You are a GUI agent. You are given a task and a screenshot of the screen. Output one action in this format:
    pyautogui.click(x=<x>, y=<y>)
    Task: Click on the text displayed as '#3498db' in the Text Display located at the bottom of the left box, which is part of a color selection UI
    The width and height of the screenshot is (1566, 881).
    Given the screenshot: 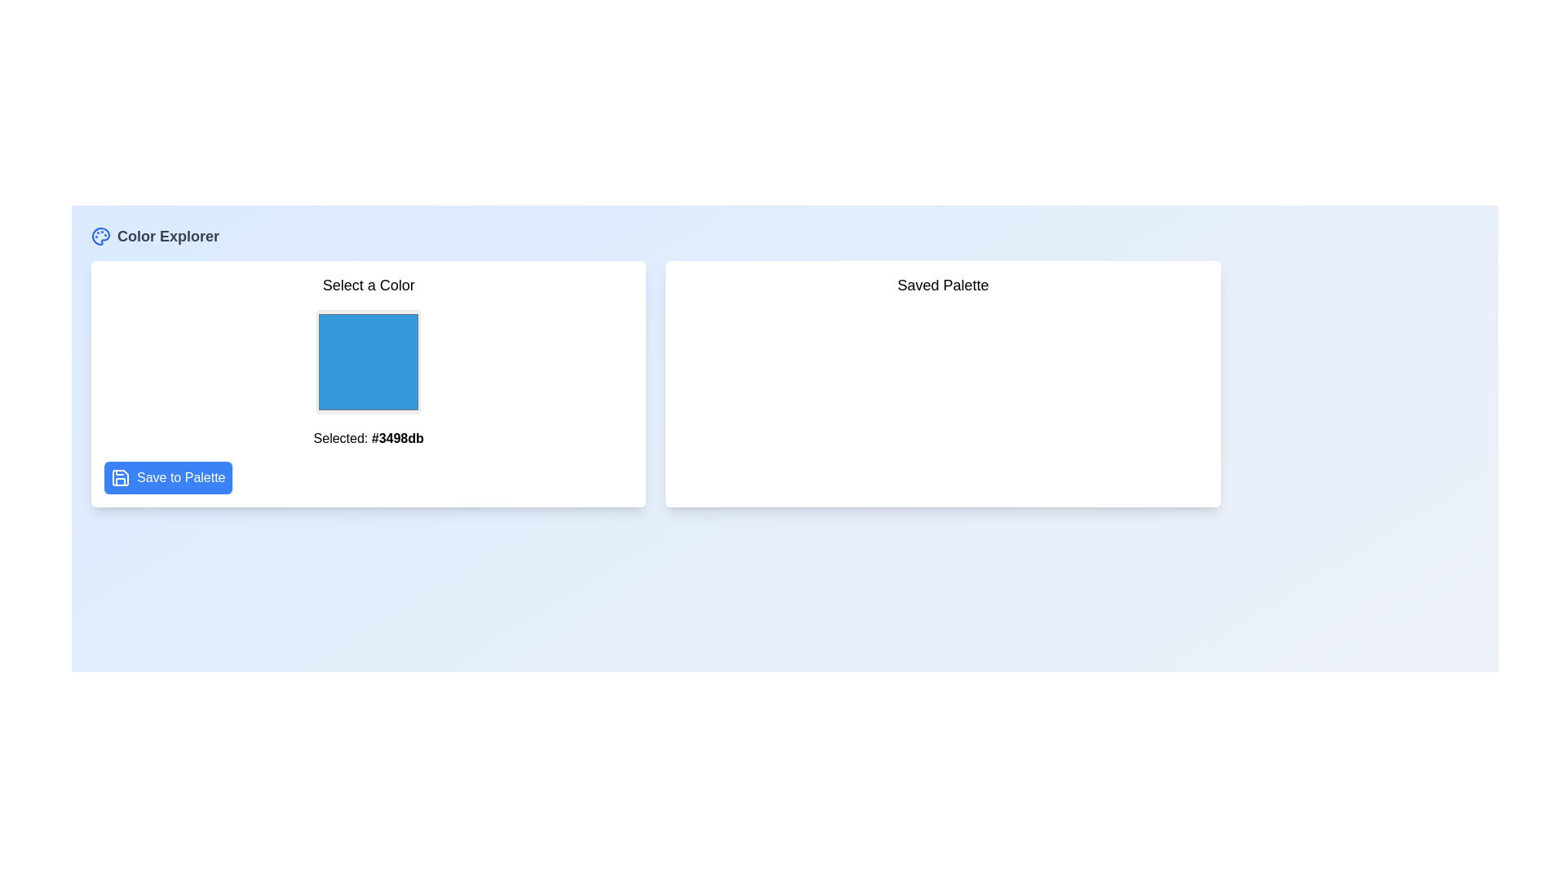 What is the action you would take?
    pyautogui.click(x=397, y=437)
    